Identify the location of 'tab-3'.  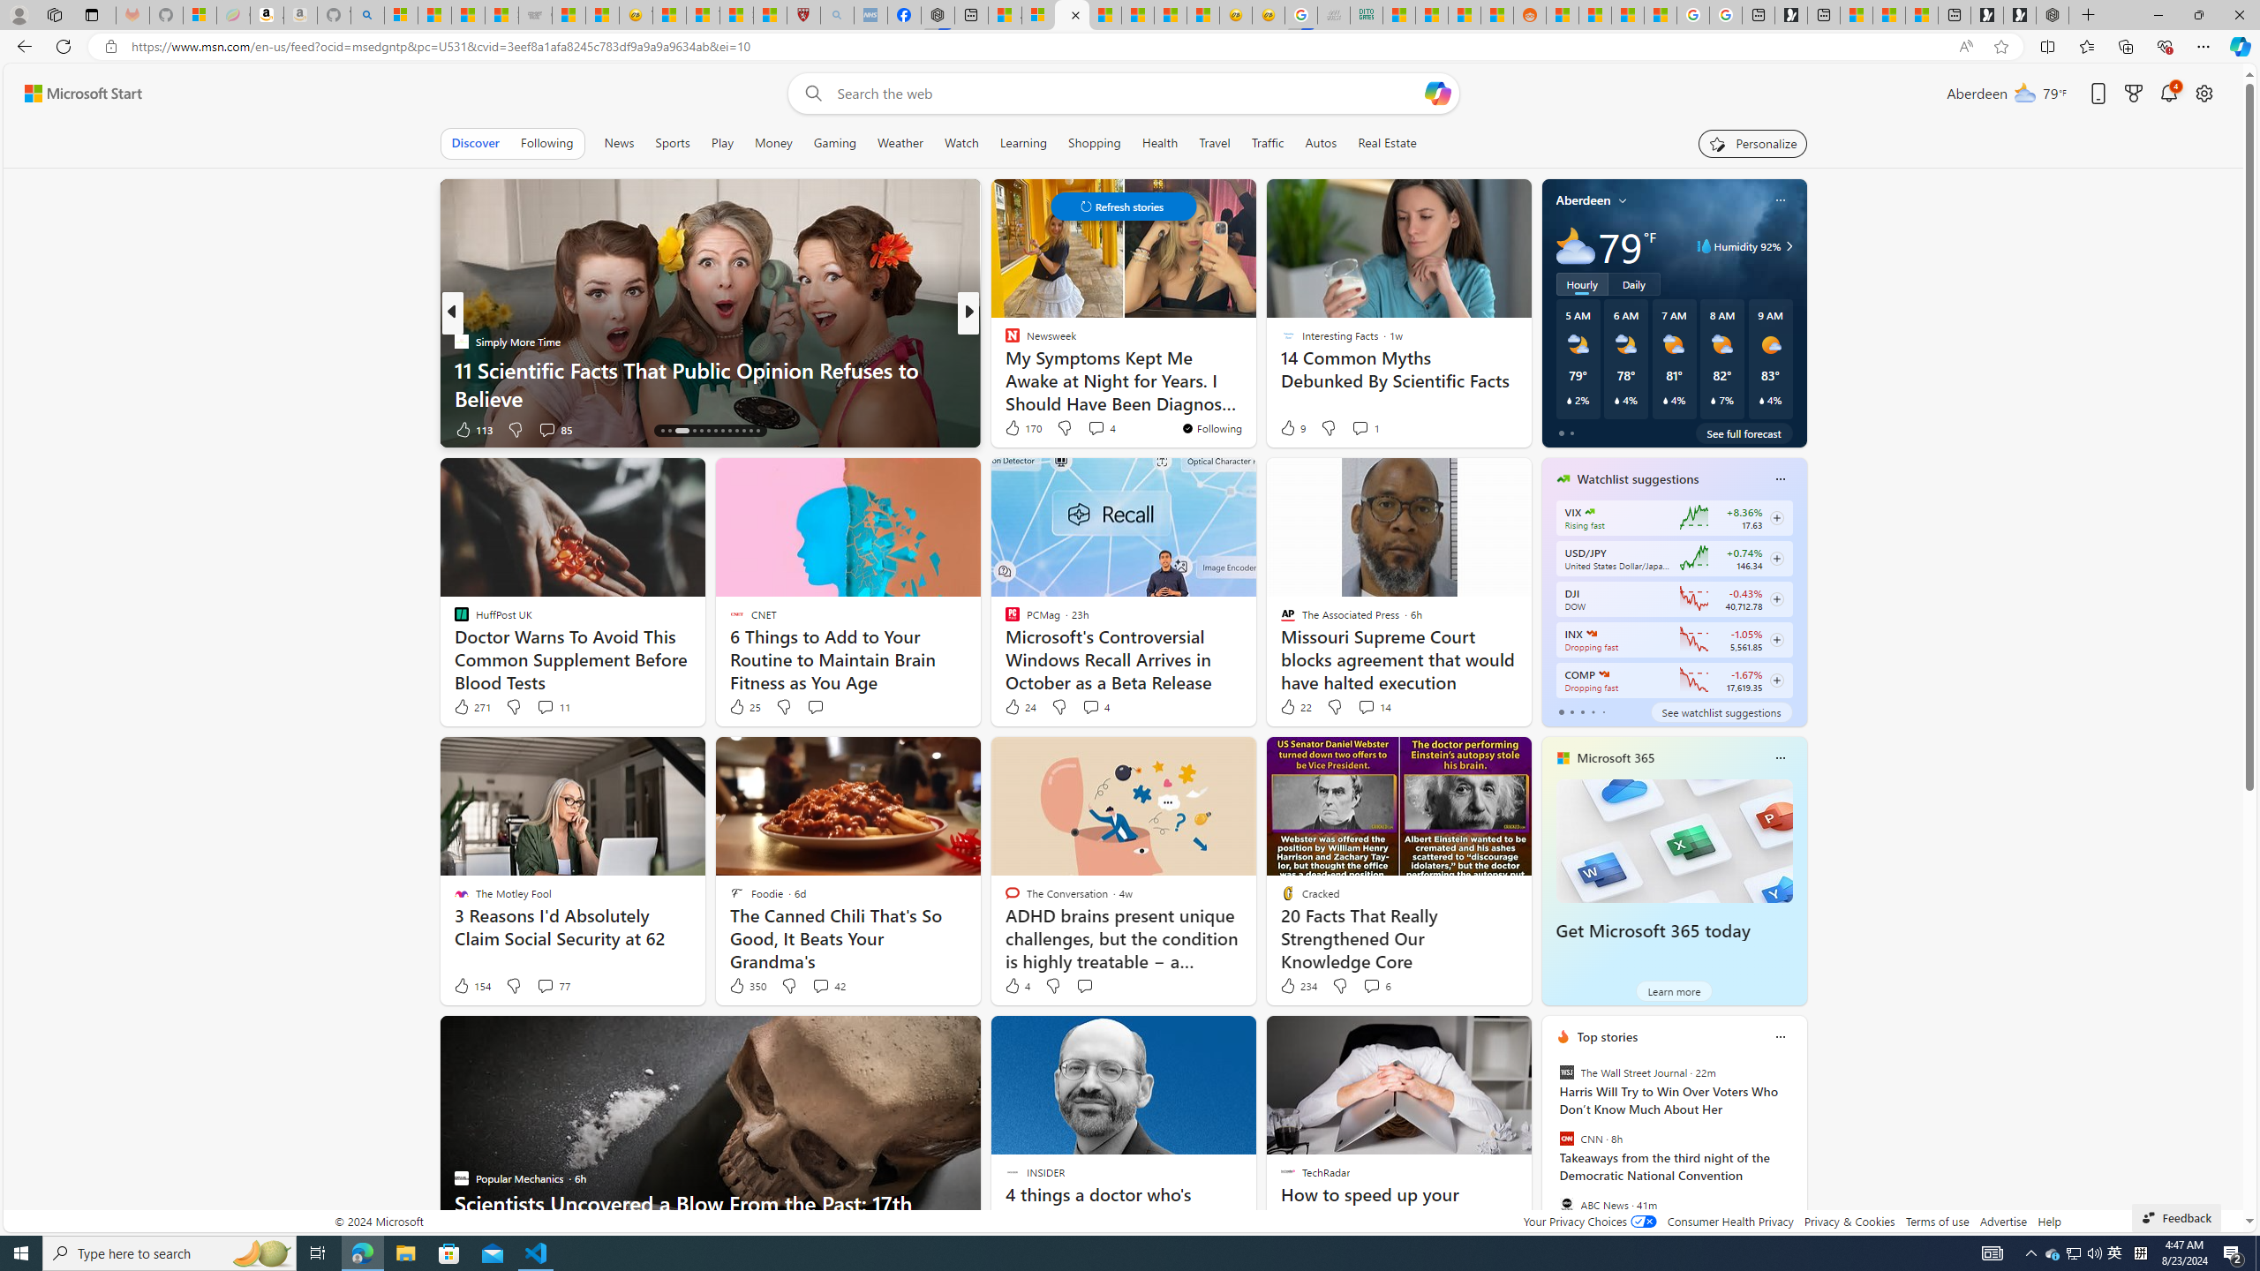
(1591, 712).